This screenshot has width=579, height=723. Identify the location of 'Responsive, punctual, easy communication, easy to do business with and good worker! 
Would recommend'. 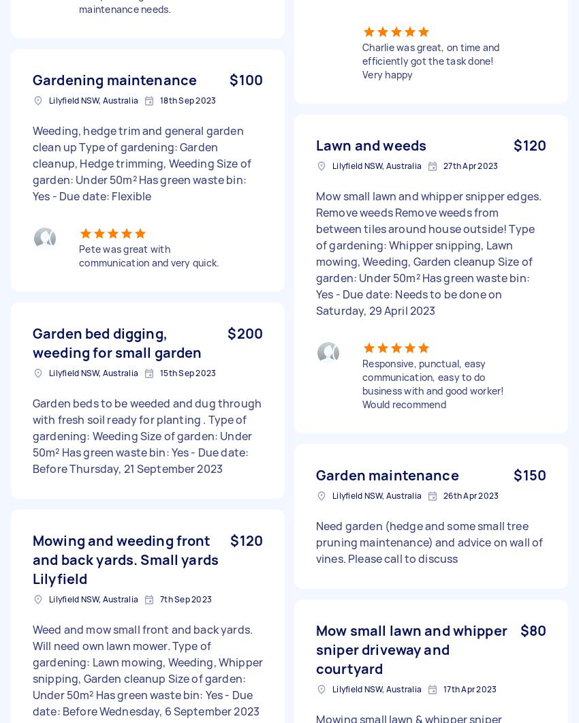
(432, 383).